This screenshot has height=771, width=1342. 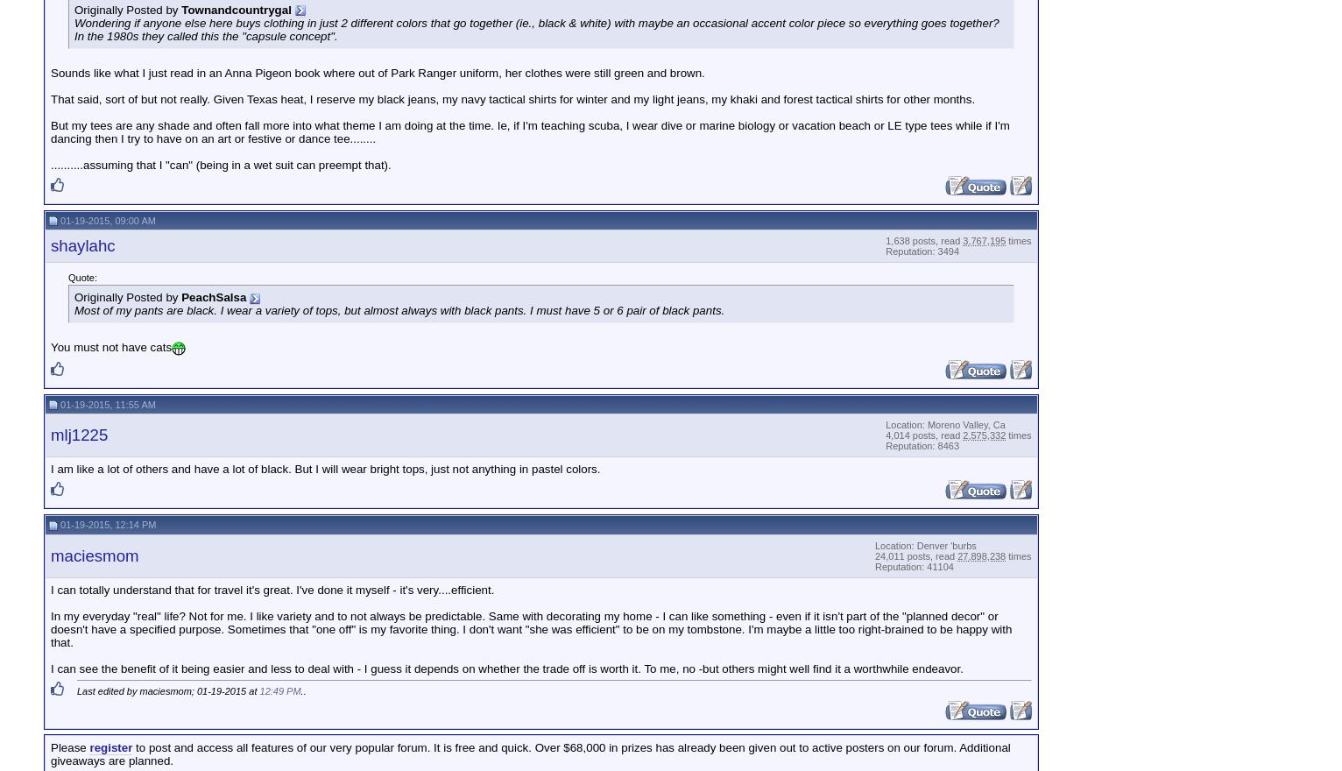 What do you see at coordinates (279, 690) in the screenshot?
I see `'12:49 PM'` at bounding box center [279, 690].